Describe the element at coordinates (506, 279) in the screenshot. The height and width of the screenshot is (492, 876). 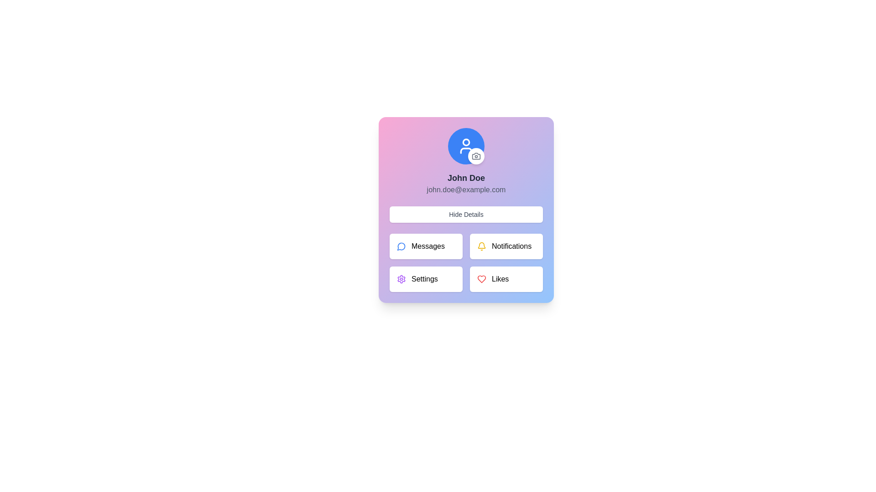
I see `the button in the bottom-right corner of the grid layout` at that location.